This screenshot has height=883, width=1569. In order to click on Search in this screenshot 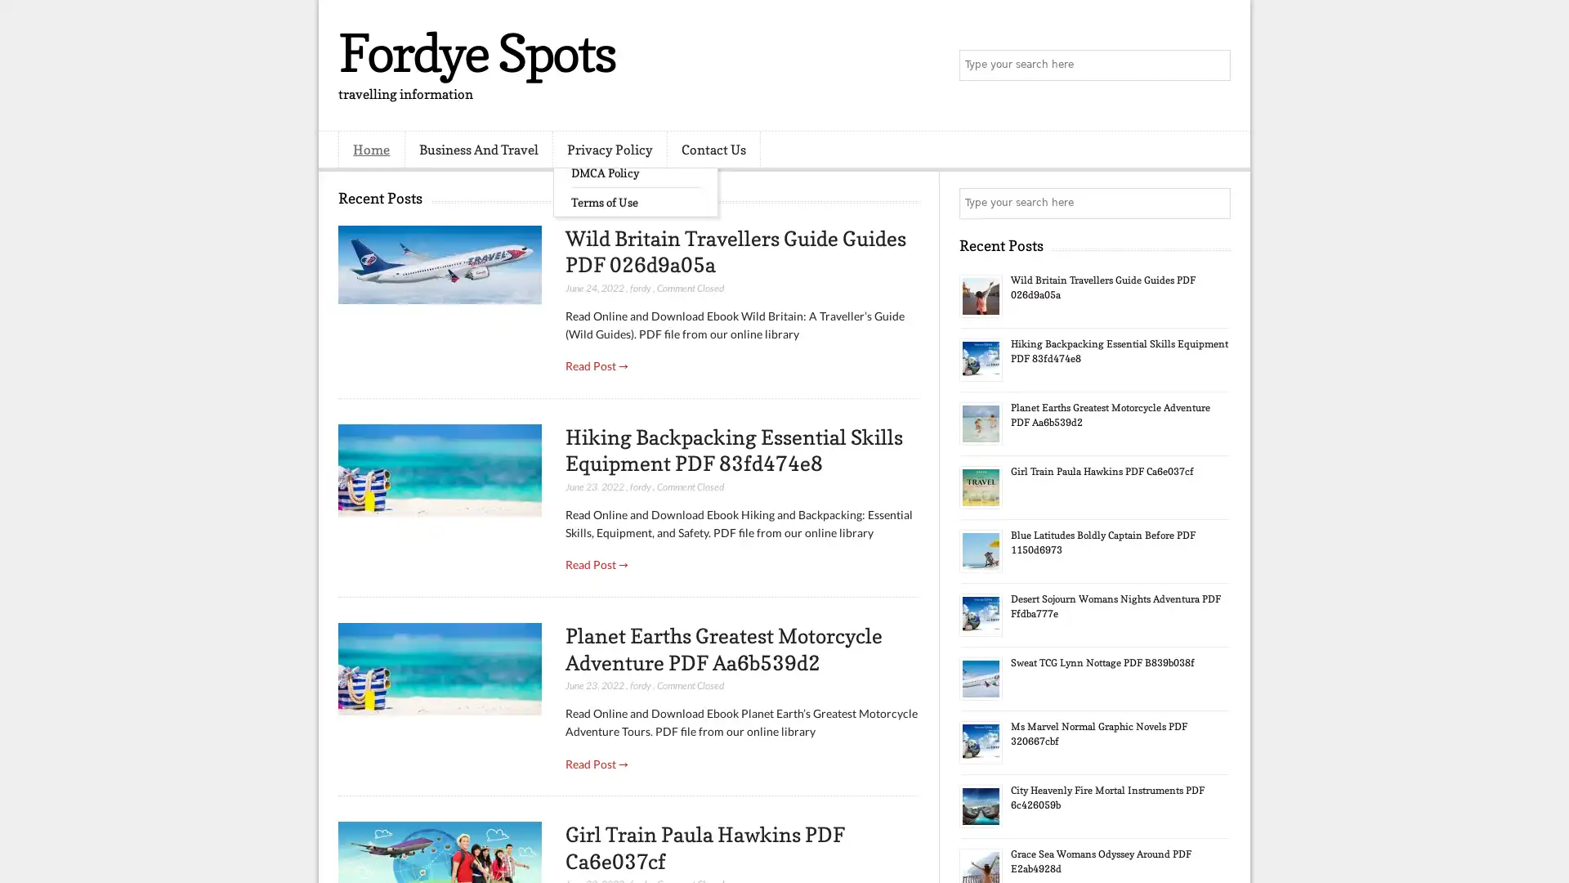, I will do `click(1214, 65)`.